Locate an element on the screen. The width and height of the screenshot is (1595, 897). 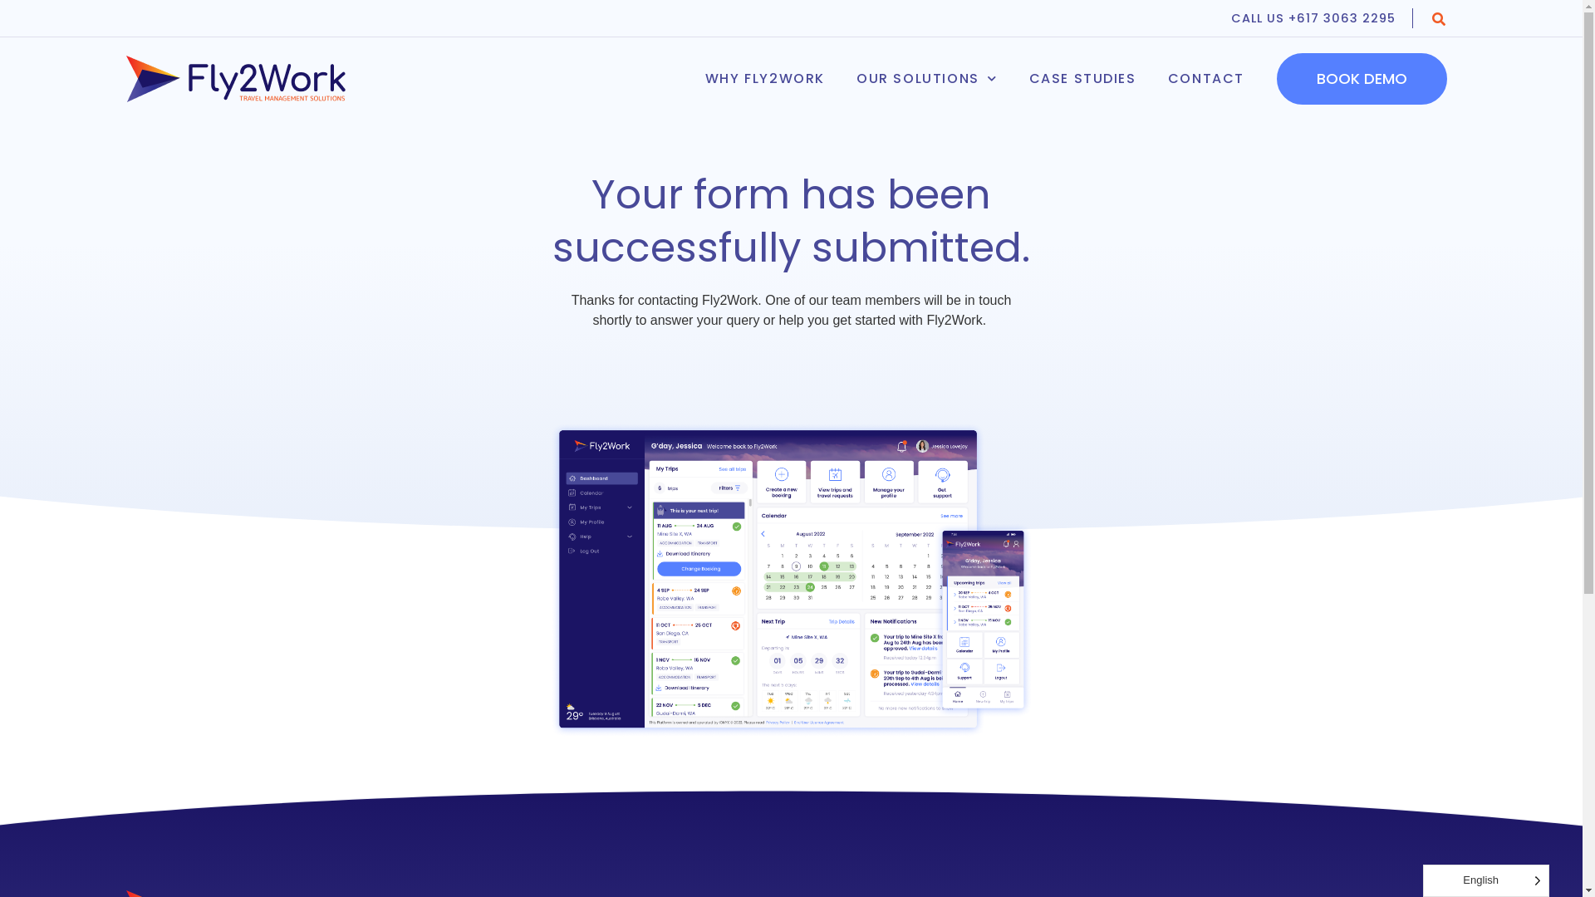
'OUR SOLUTIONS' is located at coordinates (841, 79).